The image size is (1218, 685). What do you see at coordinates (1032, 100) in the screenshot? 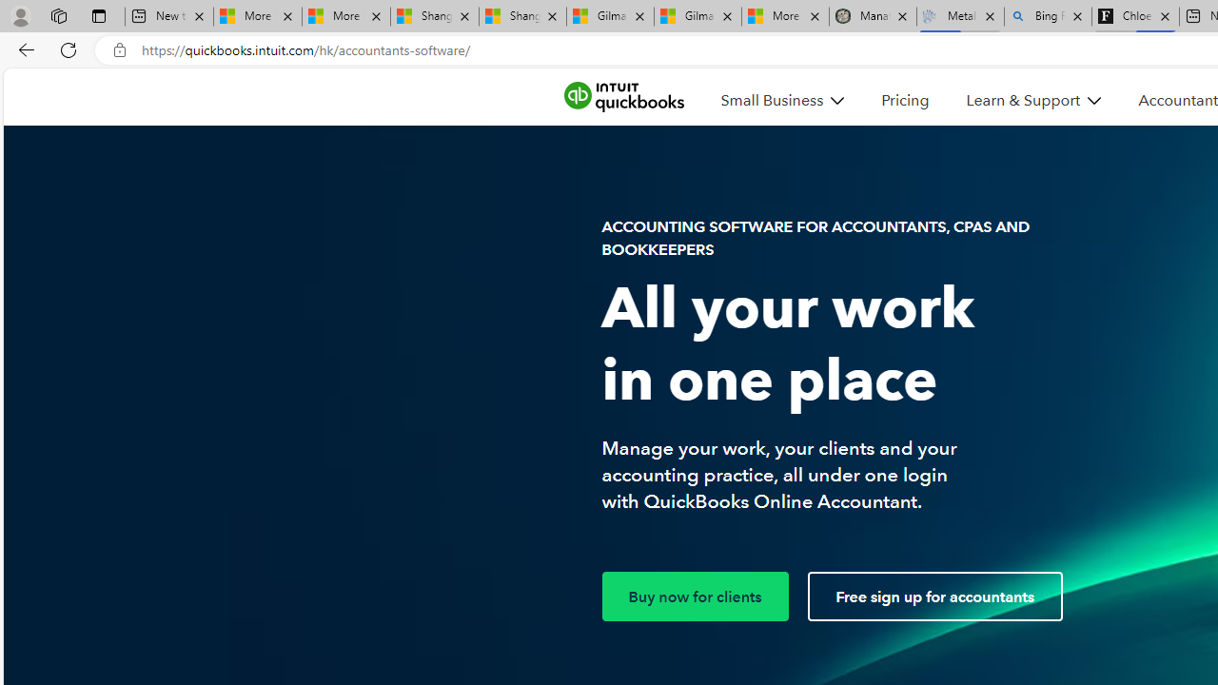
I see `'Learn & Support'` at bounding box center [1032, 100].